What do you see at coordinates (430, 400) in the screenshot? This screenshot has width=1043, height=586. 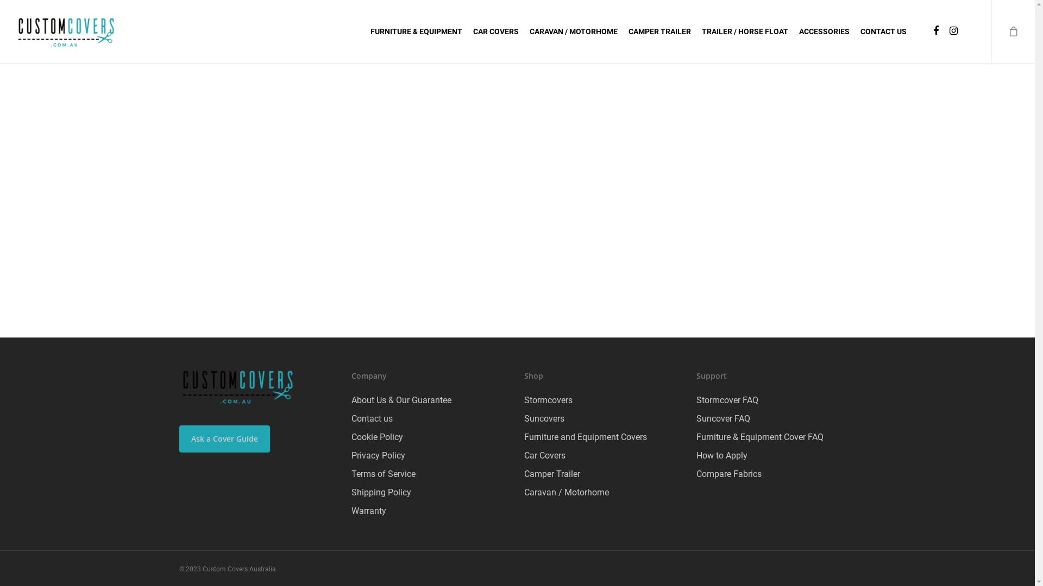 I see `'About Us & Our Guarantee'` at bounding box center [430, 400].